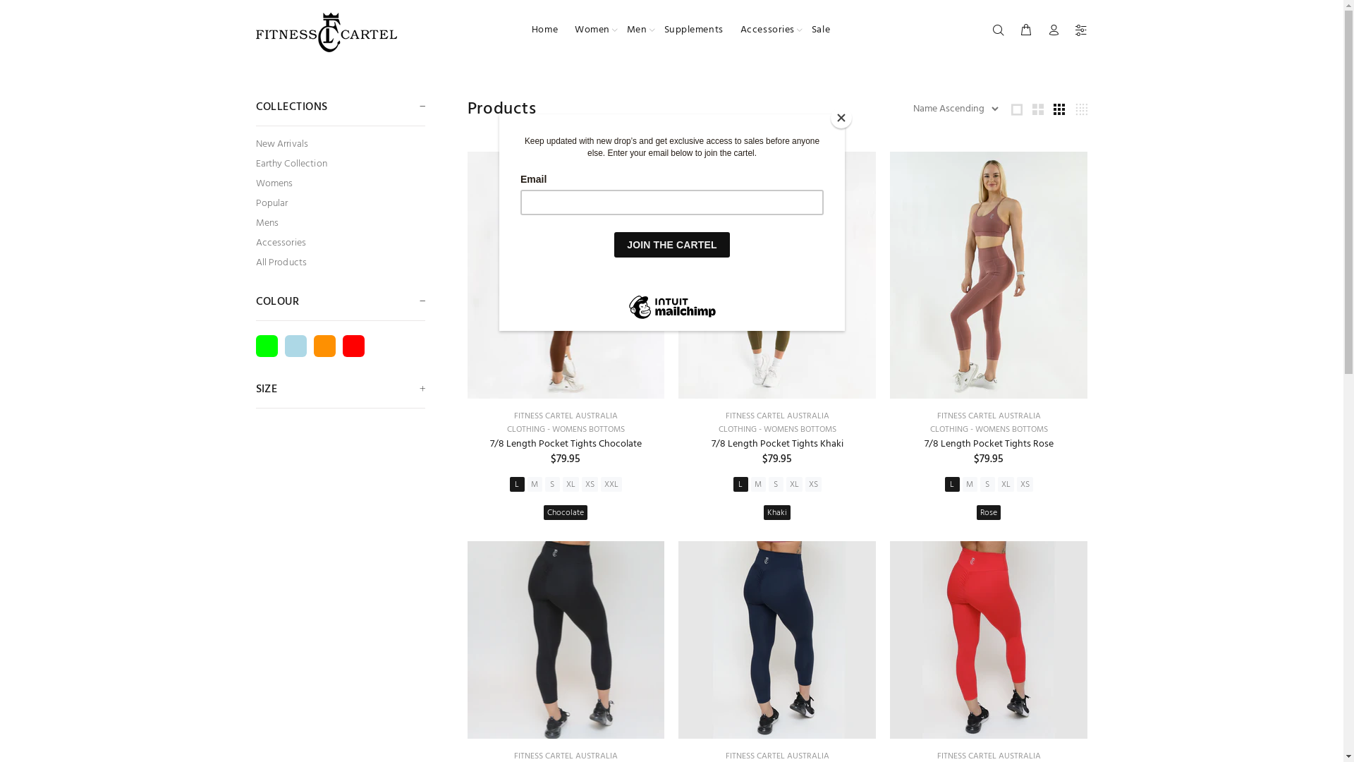  I want to click on 'M', so click(969, 483).